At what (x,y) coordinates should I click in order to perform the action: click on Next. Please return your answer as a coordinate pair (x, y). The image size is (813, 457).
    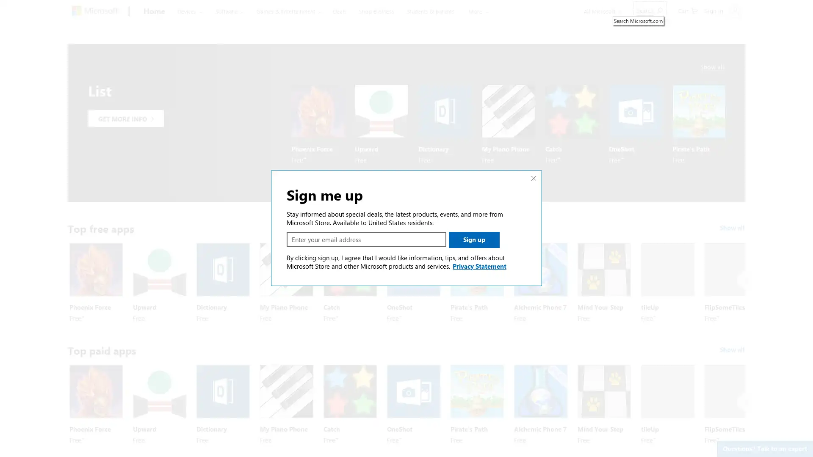
    Looking at the image, I should click on (746, 280).